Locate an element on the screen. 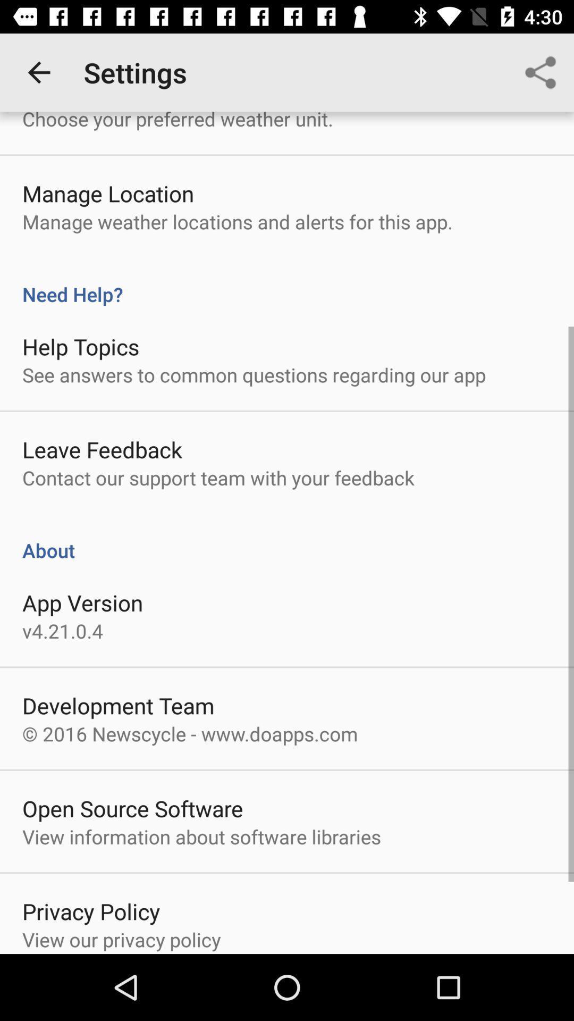  manage location is located at coordinates (108, 193).